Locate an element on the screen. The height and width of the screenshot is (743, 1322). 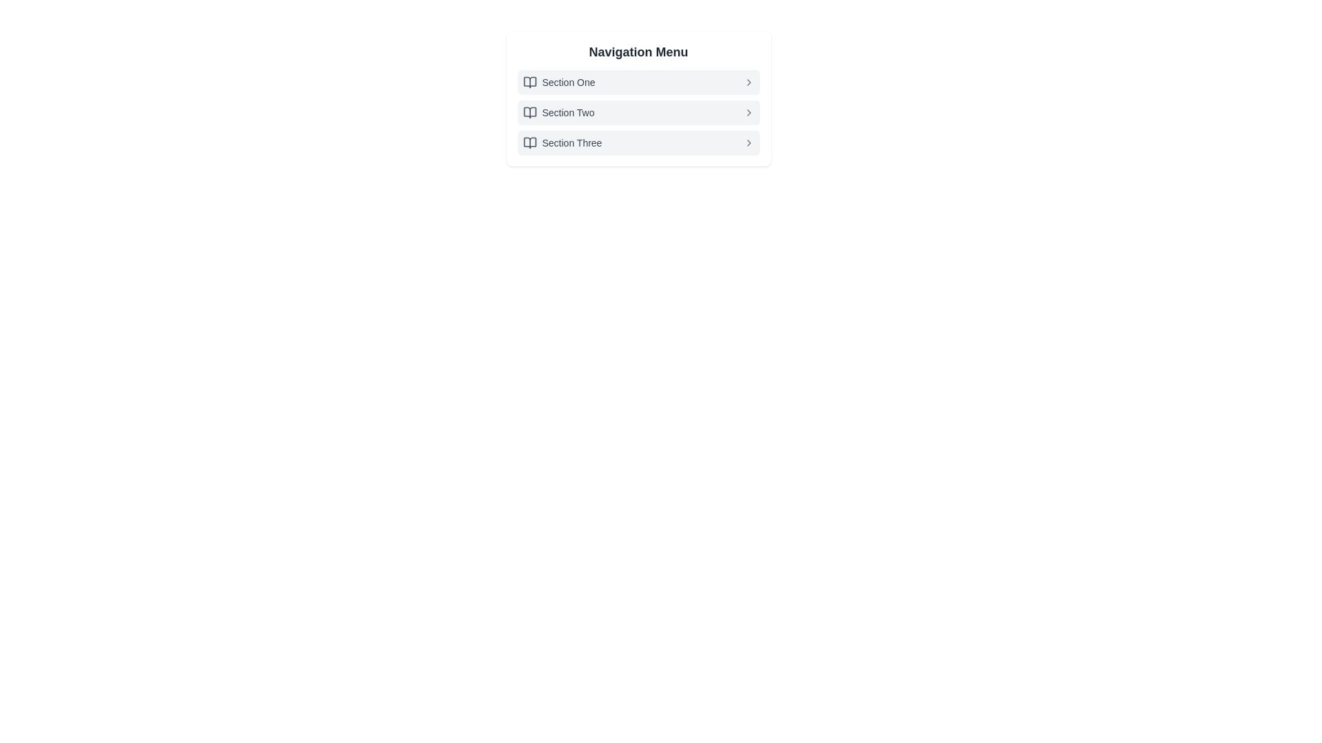
the hyperlink in the 'Navigation Menu' that navigates to 'Section Three' is located at coordinates (571, 143).